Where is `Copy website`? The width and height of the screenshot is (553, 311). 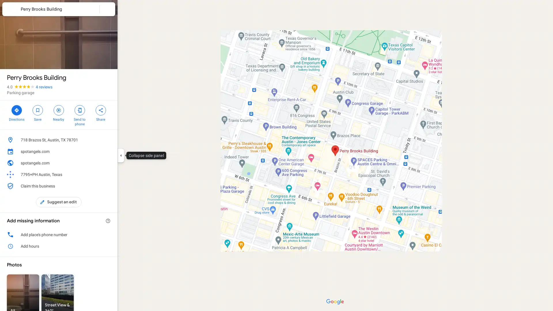
Copy website is located at coordinates (108, 163).